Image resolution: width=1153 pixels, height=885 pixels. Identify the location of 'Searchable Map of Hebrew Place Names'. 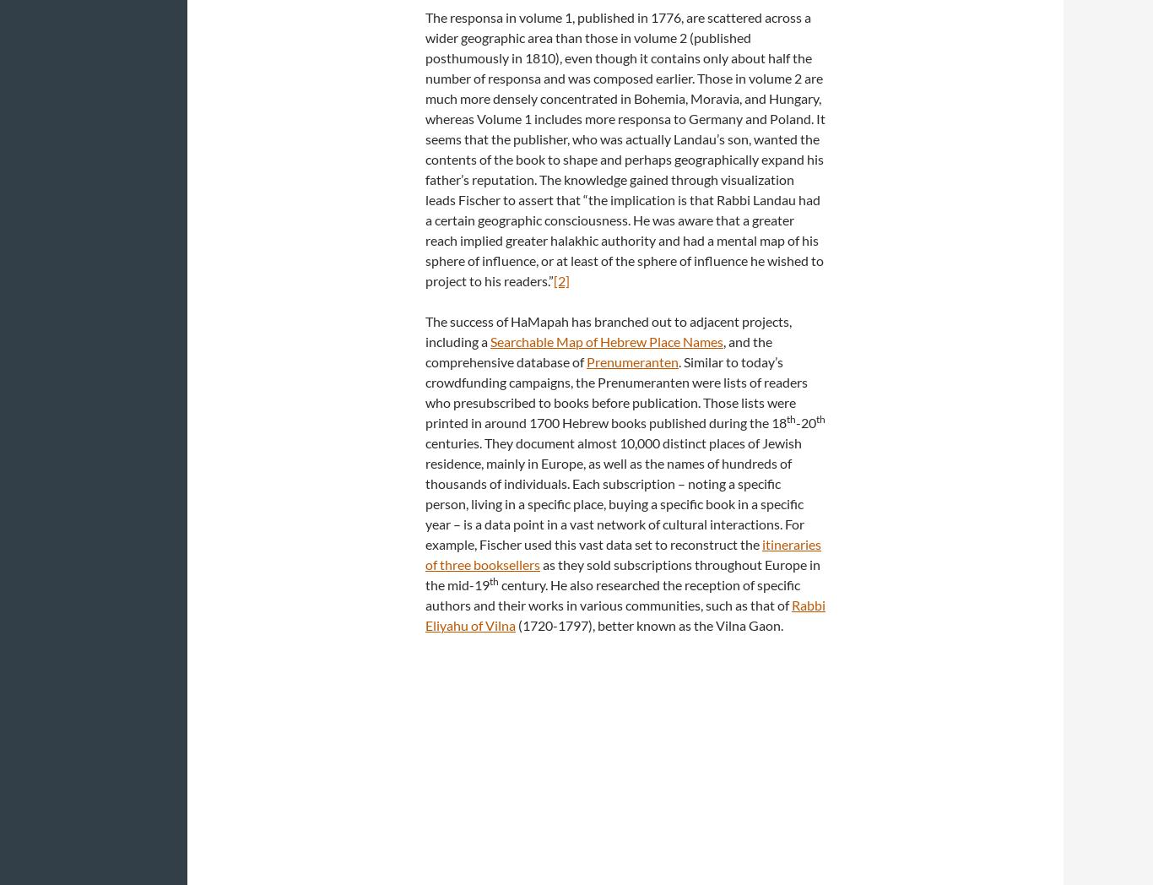
(607, 341).